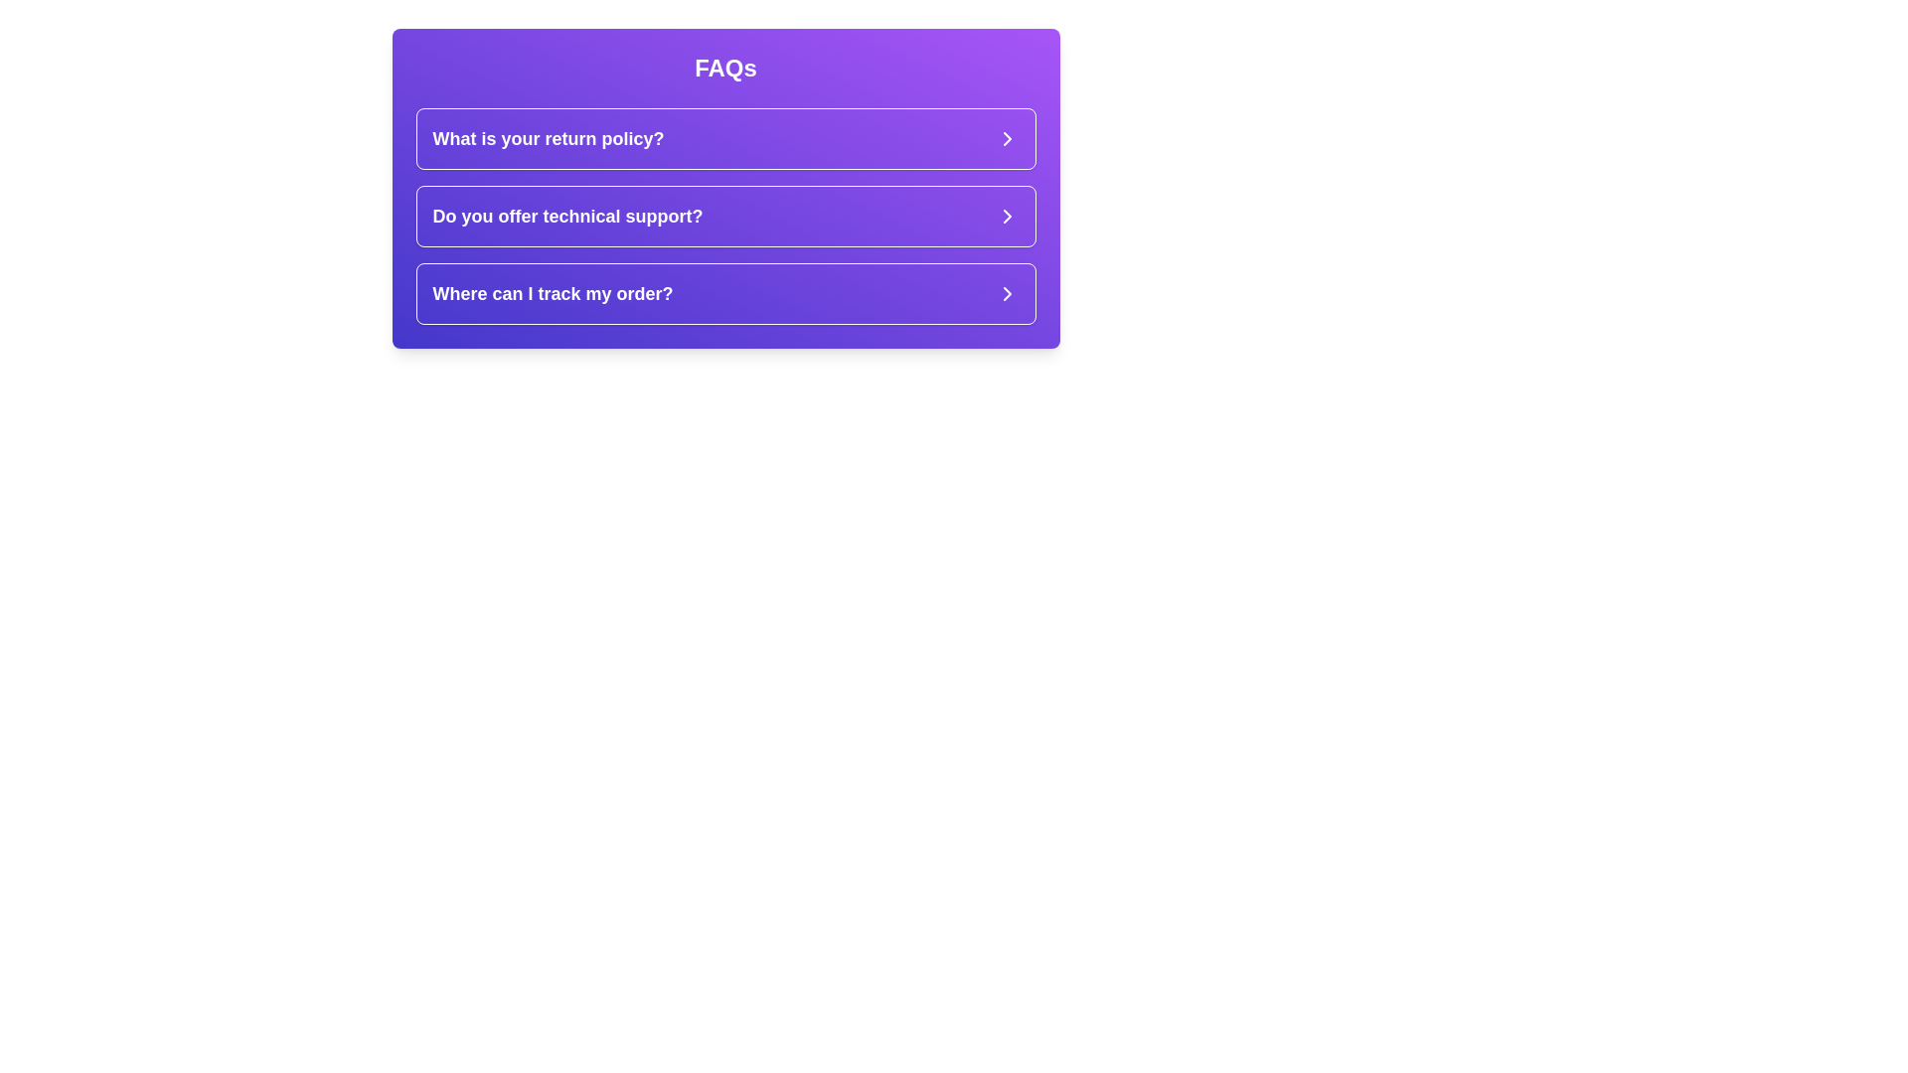 This screenshot has height=1073, width=1908. What do you see at coordinates (724, 217) in the screenshot?
I see `the middle Collapsible item in the FAQ section` at bounding box center [724, 217].